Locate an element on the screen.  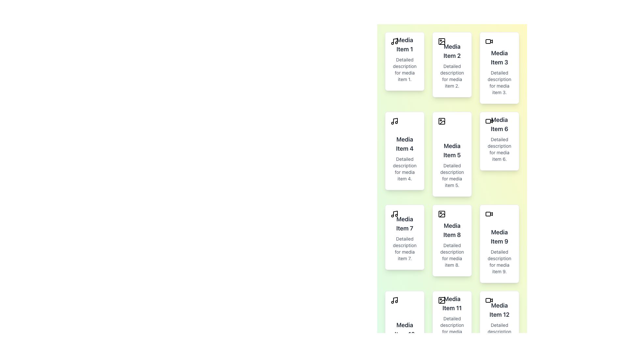
text content of the static display card located in the second column and third row of the grid layout, adjacent to 'Media Item 5' on the left and 'Media Item 9' below is located at coordinates (499, 141).